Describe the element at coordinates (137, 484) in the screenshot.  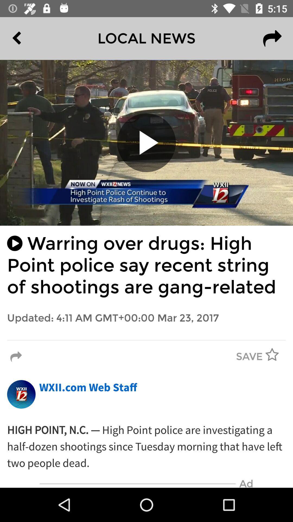
I see `item next to the ad icon` at that location.